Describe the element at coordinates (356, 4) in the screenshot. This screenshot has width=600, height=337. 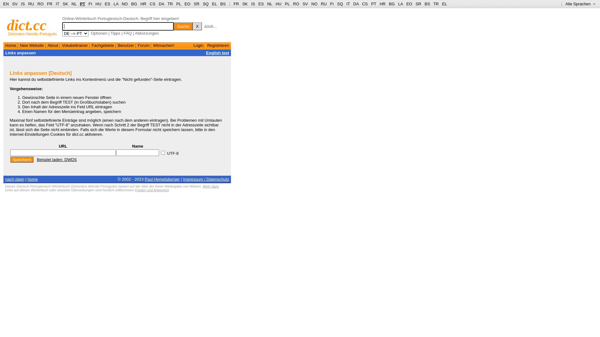
I see `'DA'` at that location.